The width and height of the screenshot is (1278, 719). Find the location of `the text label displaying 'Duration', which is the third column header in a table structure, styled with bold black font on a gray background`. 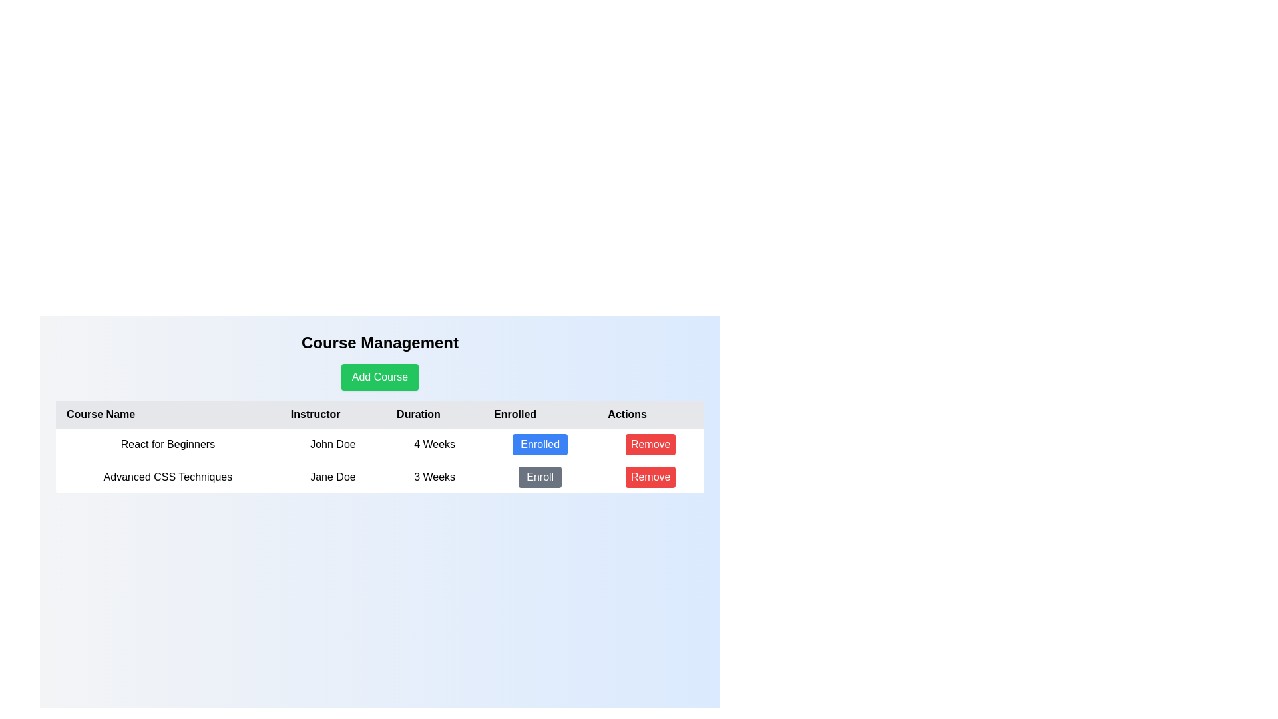

the text label displaying 'Duration', which is the third column header in a table structure, styled with bold black font on a gray background is located at coordinates (435, 414).